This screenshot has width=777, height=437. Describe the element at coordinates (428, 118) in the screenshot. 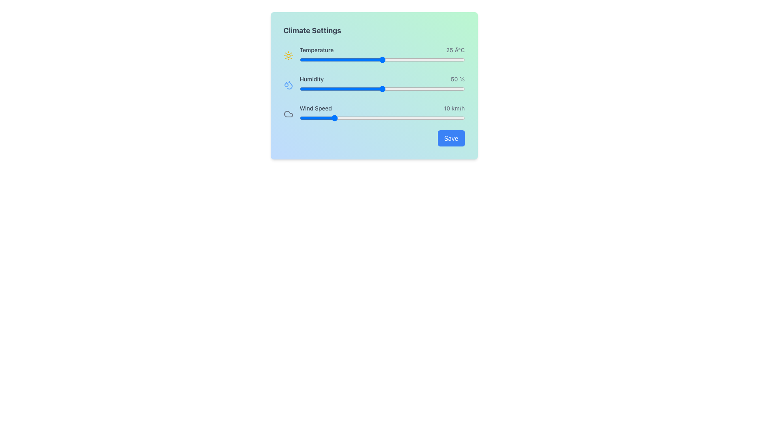

I see `wind speed` at that location.